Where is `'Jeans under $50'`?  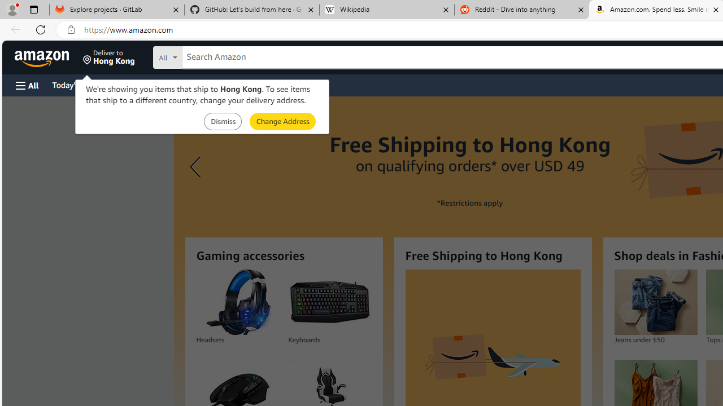
'Jeans under $50' is located at coordinates (655, 302).